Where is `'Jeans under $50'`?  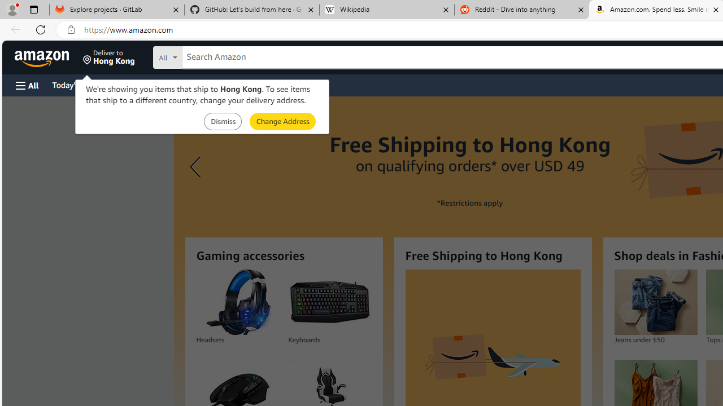
'Jeans under $50' is located at coordinates (655, 302).